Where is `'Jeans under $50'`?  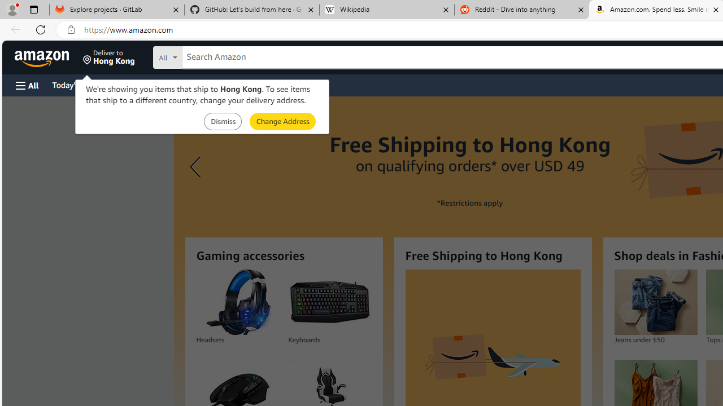
'Jeans under $50' is located at coordinates (655, 302).